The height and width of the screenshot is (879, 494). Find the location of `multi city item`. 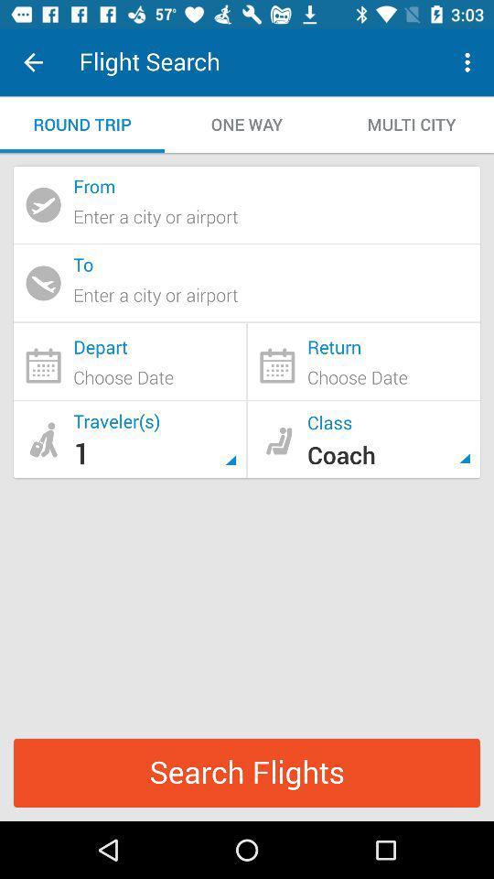

multi city item is located at coordinates (411, 124).